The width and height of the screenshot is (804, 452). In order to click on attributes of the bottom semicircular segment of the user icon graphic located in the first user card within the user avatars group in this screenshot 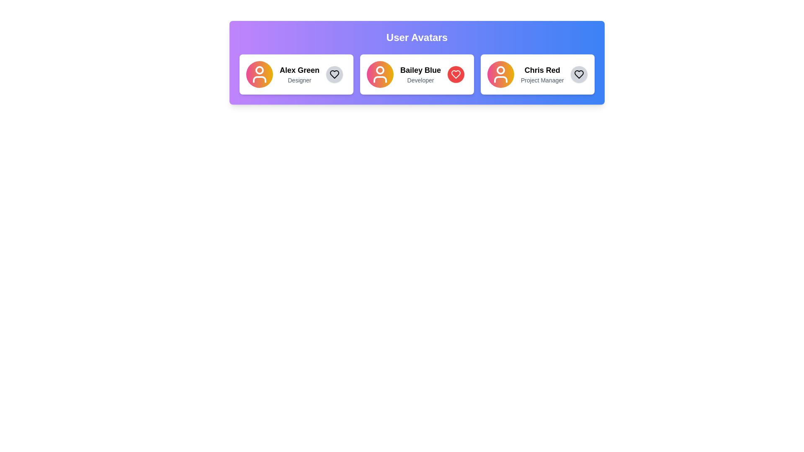, I will do `click(259, 79)`.